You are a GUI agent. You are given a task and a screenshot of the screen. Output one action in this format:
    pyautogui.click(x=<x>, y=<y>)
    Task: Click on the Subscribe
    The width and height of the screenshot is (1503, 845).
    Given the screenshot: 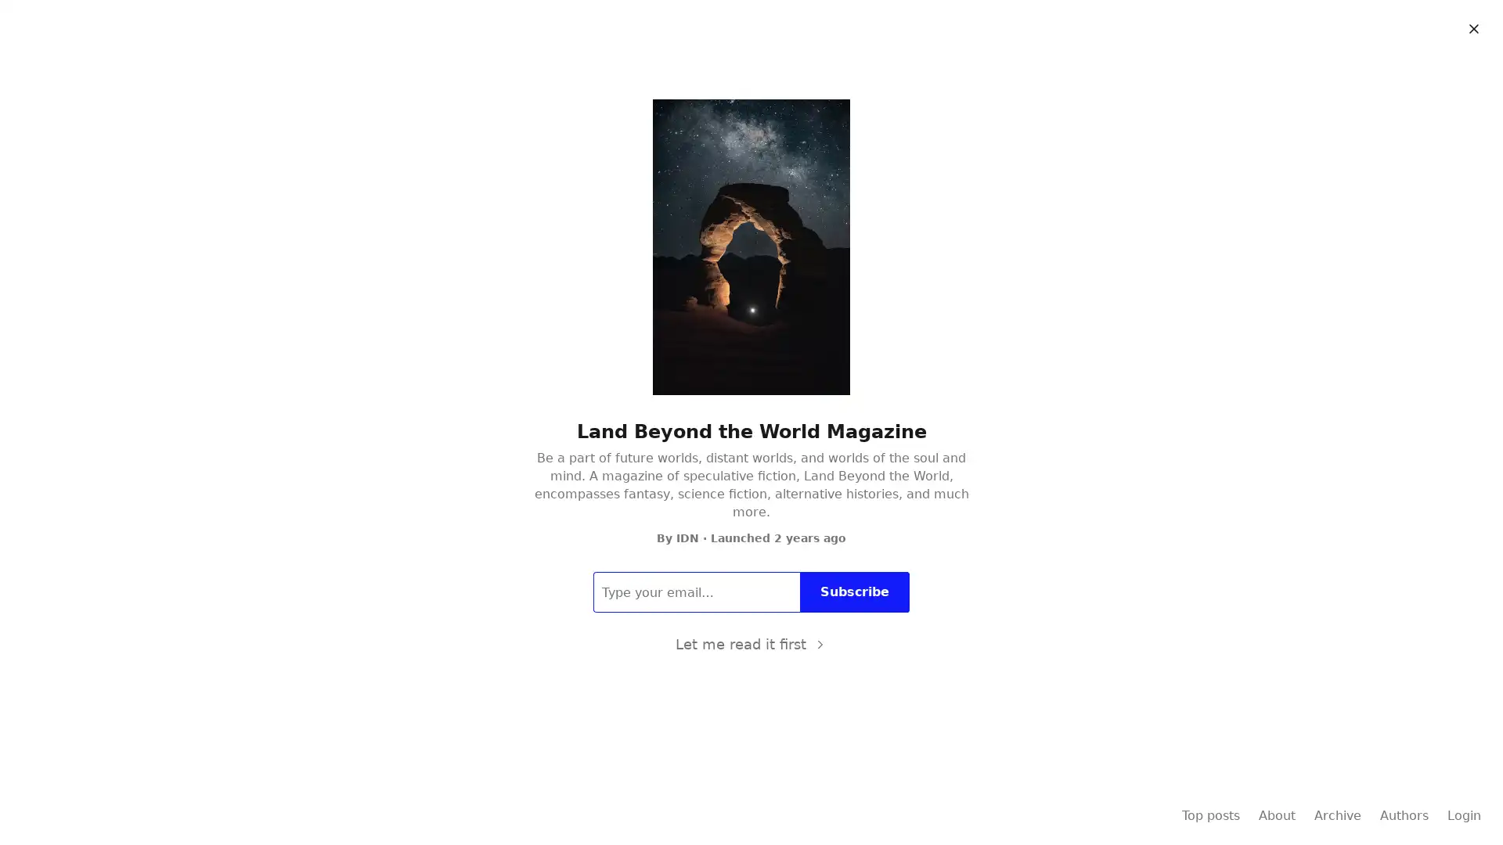 What is the action you would take?
    pyautogui.click(x=854, y=591)
    